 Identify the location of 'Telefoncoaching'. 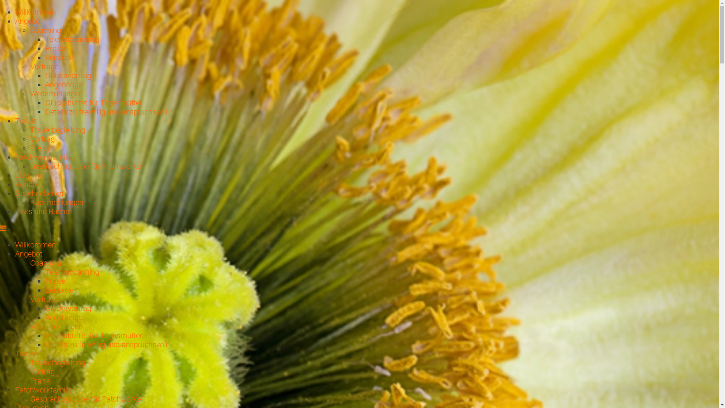
(72, 39).